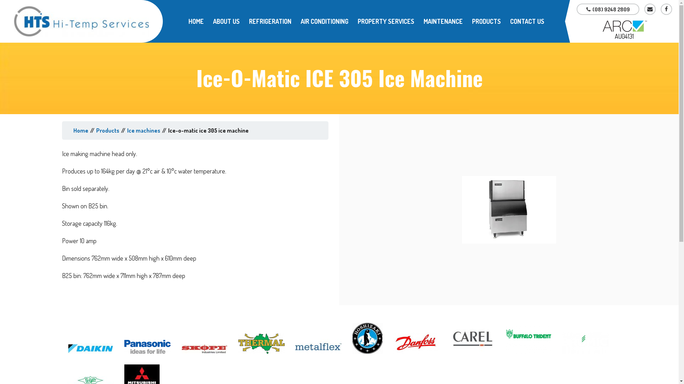 Image resolution: width=684 pixels, height=384 pixels. What do you see at coordinates (576, 9) in the screenshot?
I see `'(08) 9248 2809'` at bounding box center [576, 9].